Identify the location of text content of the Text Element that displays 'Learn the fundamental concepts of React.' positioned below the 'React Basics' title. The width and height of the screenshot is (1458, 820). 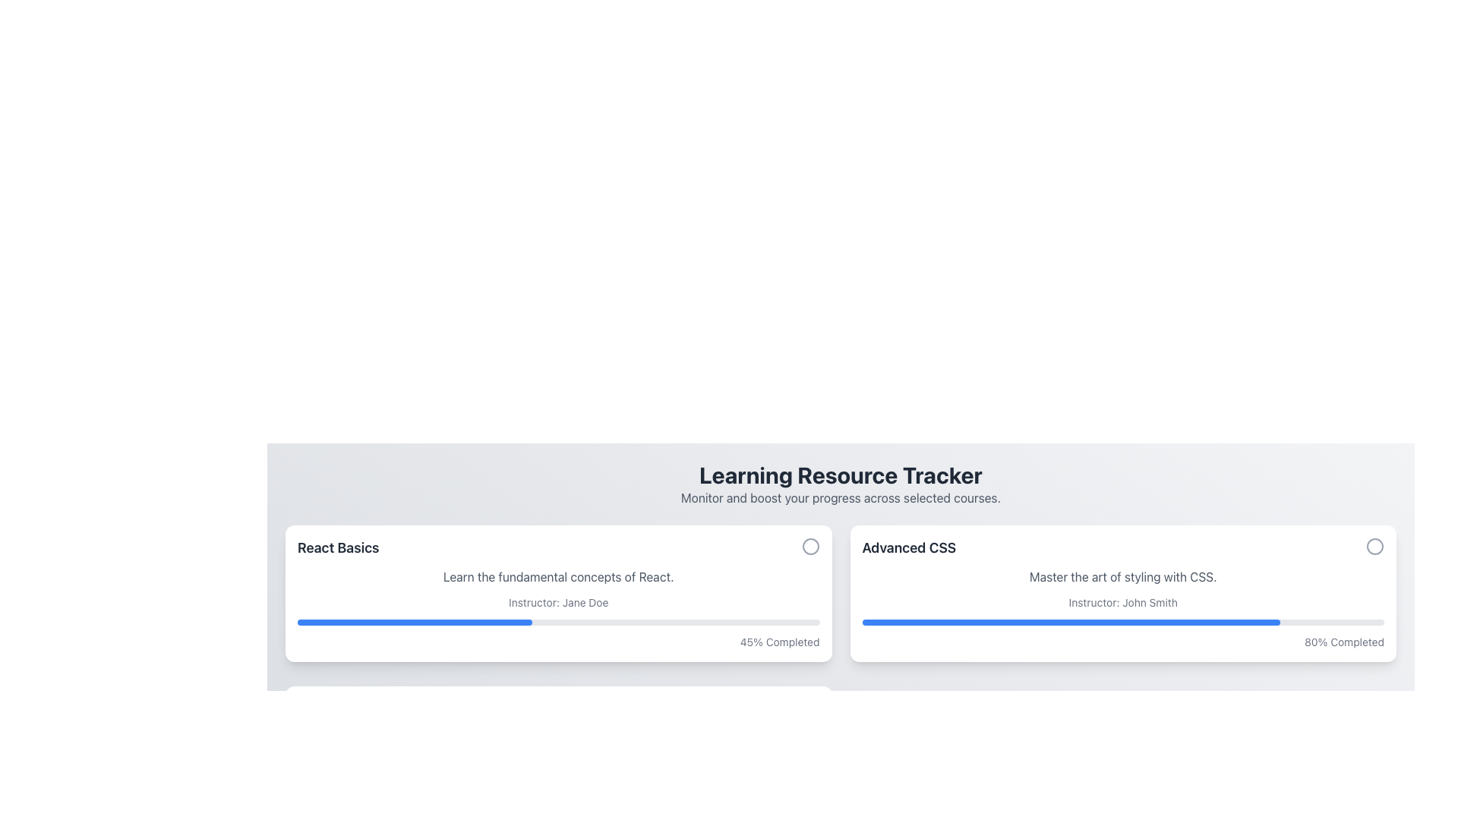
(557, 576).